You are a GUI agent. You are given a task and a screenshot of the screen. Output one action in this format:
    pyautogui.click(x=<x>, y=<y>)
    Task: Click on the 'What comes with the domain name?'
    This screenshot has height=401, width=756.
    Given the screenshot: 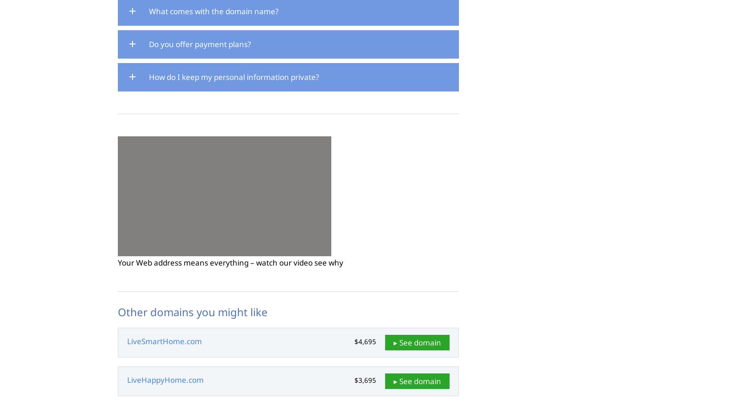 What is the action you would take?
    pyautogui.click(x=213, y=11)
    